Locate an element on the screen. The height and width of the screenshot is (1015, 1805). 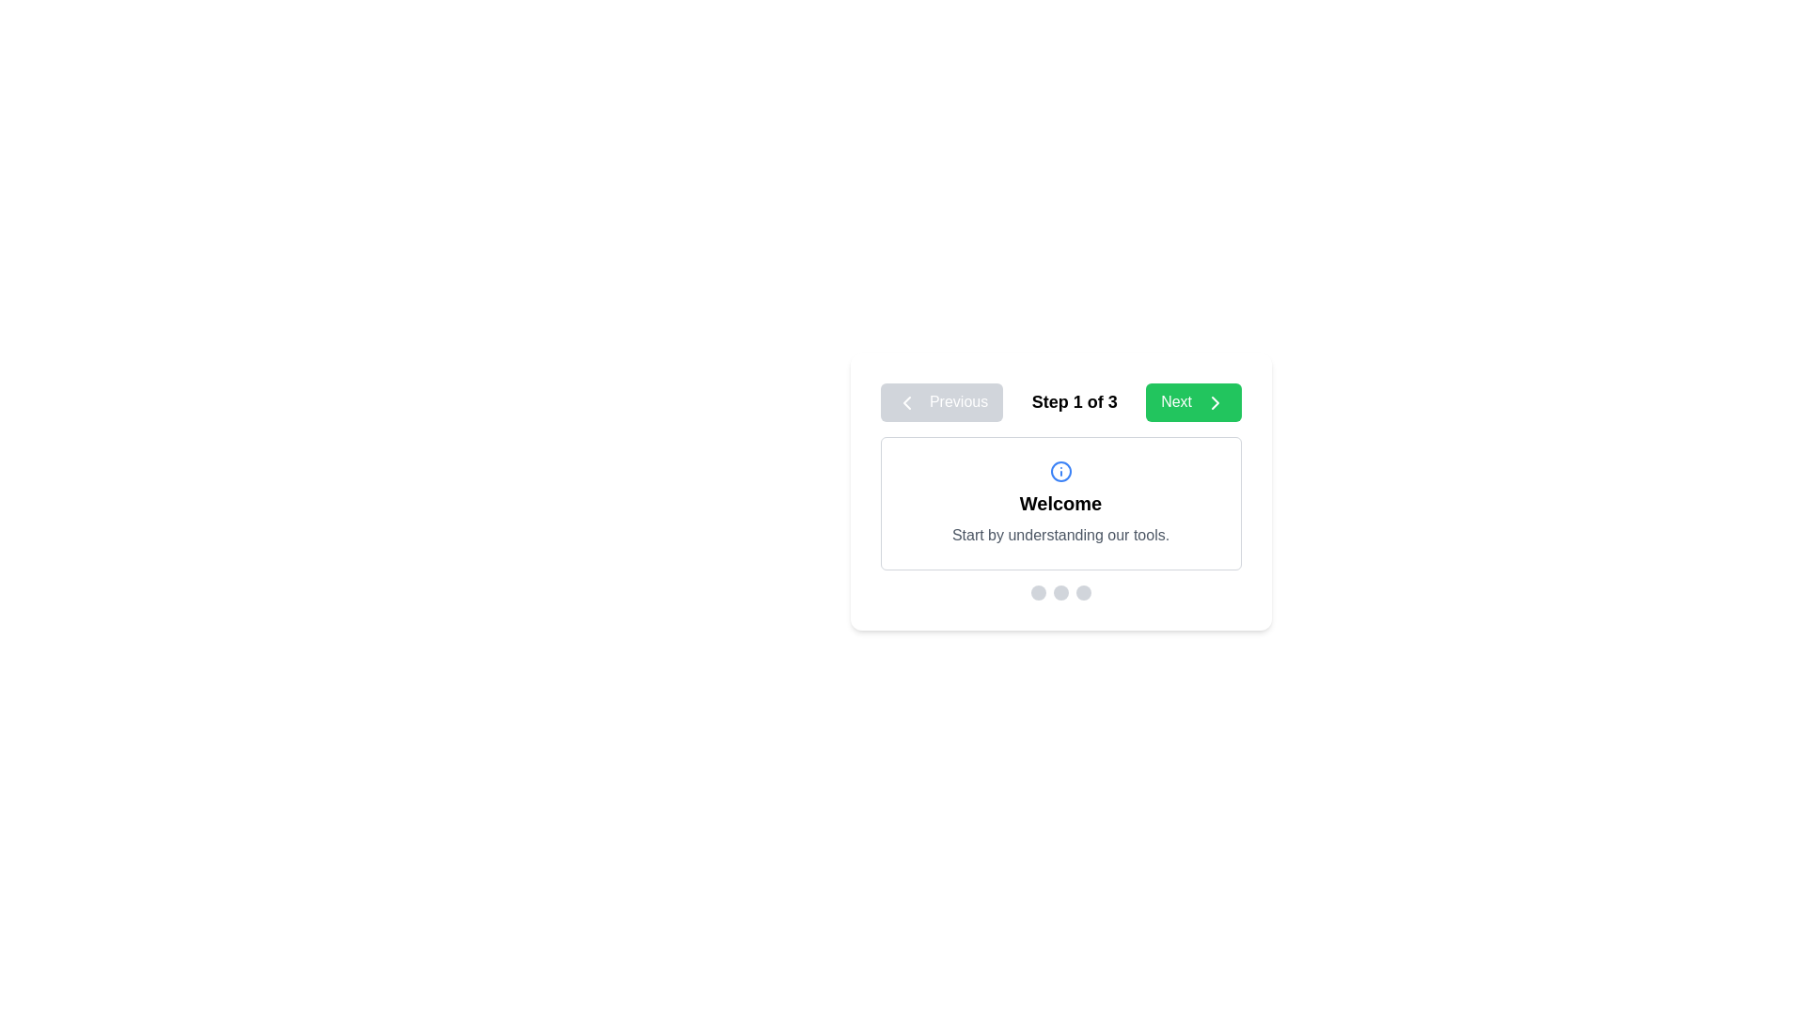
the informational panel that contains the title 'Welcome' and the description 'Start by understanding our tools.', which is centrally placed and surrounded by a light grey border is located at coordinates (1060, 502).